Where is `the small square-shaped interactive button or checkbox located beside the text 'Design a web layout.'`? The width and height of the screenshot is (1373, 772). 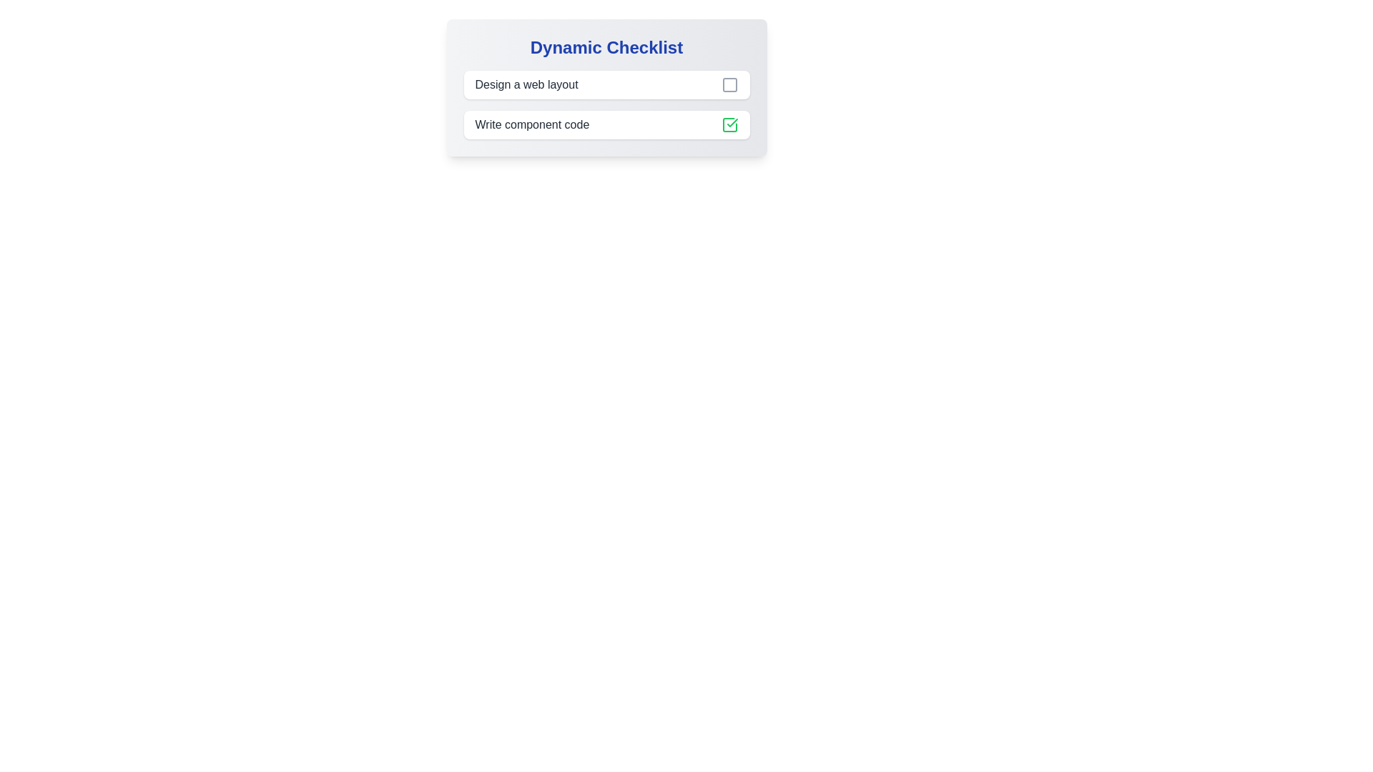
the small square-shaped interactive button or checkbox located beside the text 'Design a web layout.' is located at coordinates (729, 85).